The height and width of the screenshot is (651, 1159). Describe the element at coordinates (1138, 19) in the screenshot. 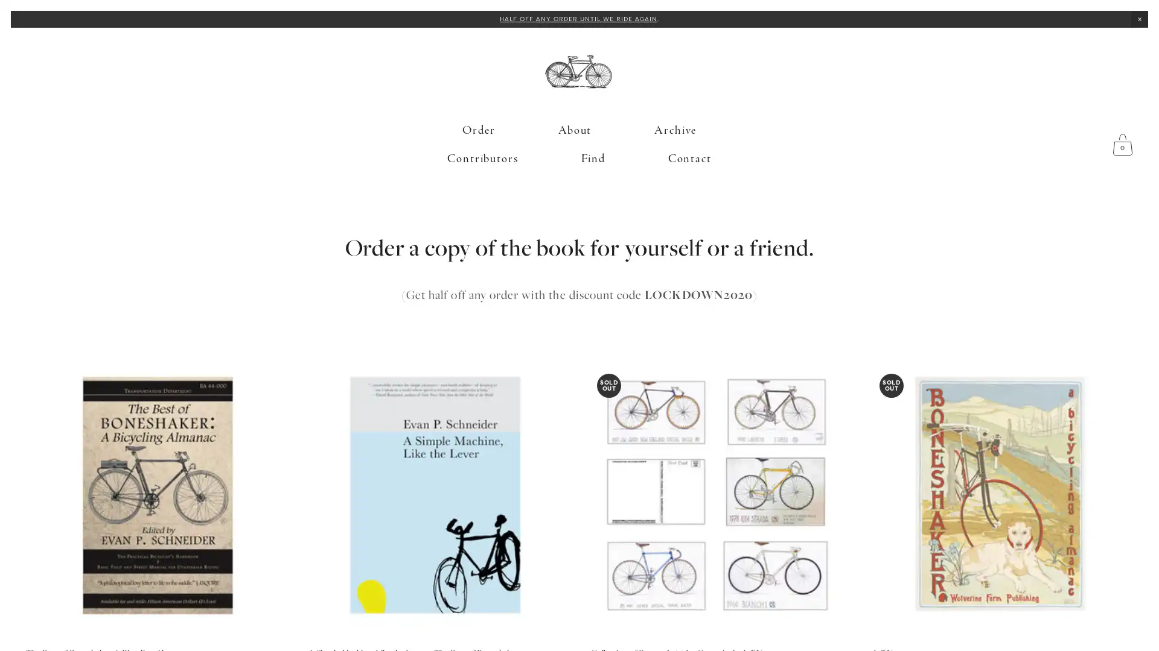

I see `Close Announcement` at that location.